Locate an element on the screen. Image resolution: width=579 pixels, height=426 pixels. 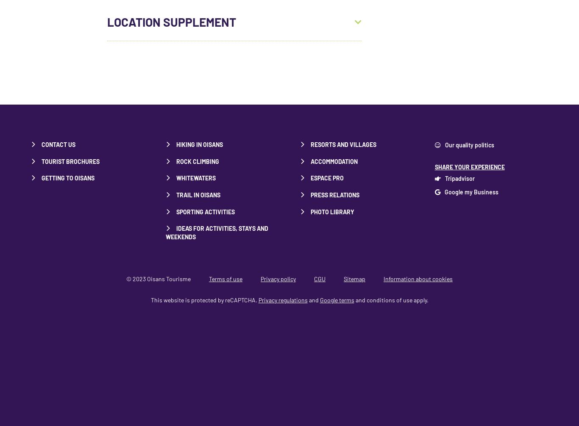
'Photo library' is located at coordinates (332, 211).